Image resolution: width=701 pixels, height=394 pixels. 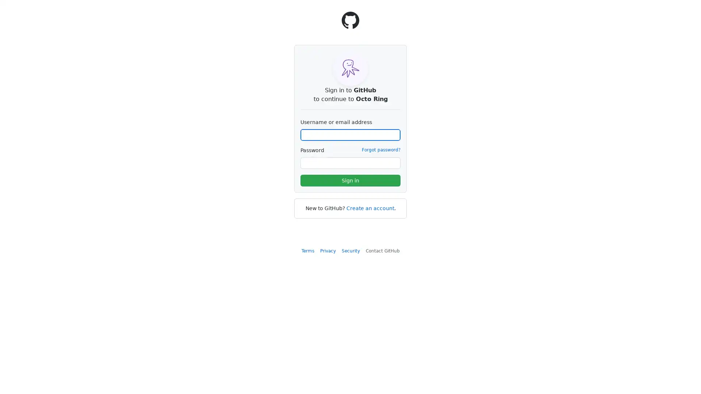 I want to click on Sign in, so click(x=350, y=180).